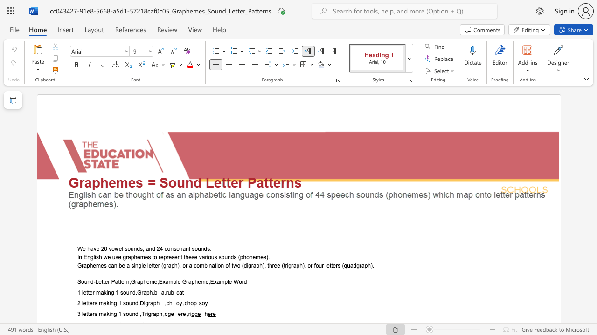  I want to click on the 4th character "m" in the text, so click(222, 281).